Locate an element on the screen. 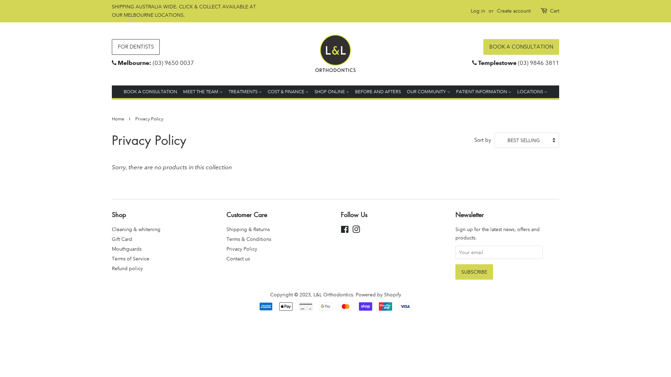 The image size is (671, 377). 'COST & FINANCE' is located at coordinates (265, 91).